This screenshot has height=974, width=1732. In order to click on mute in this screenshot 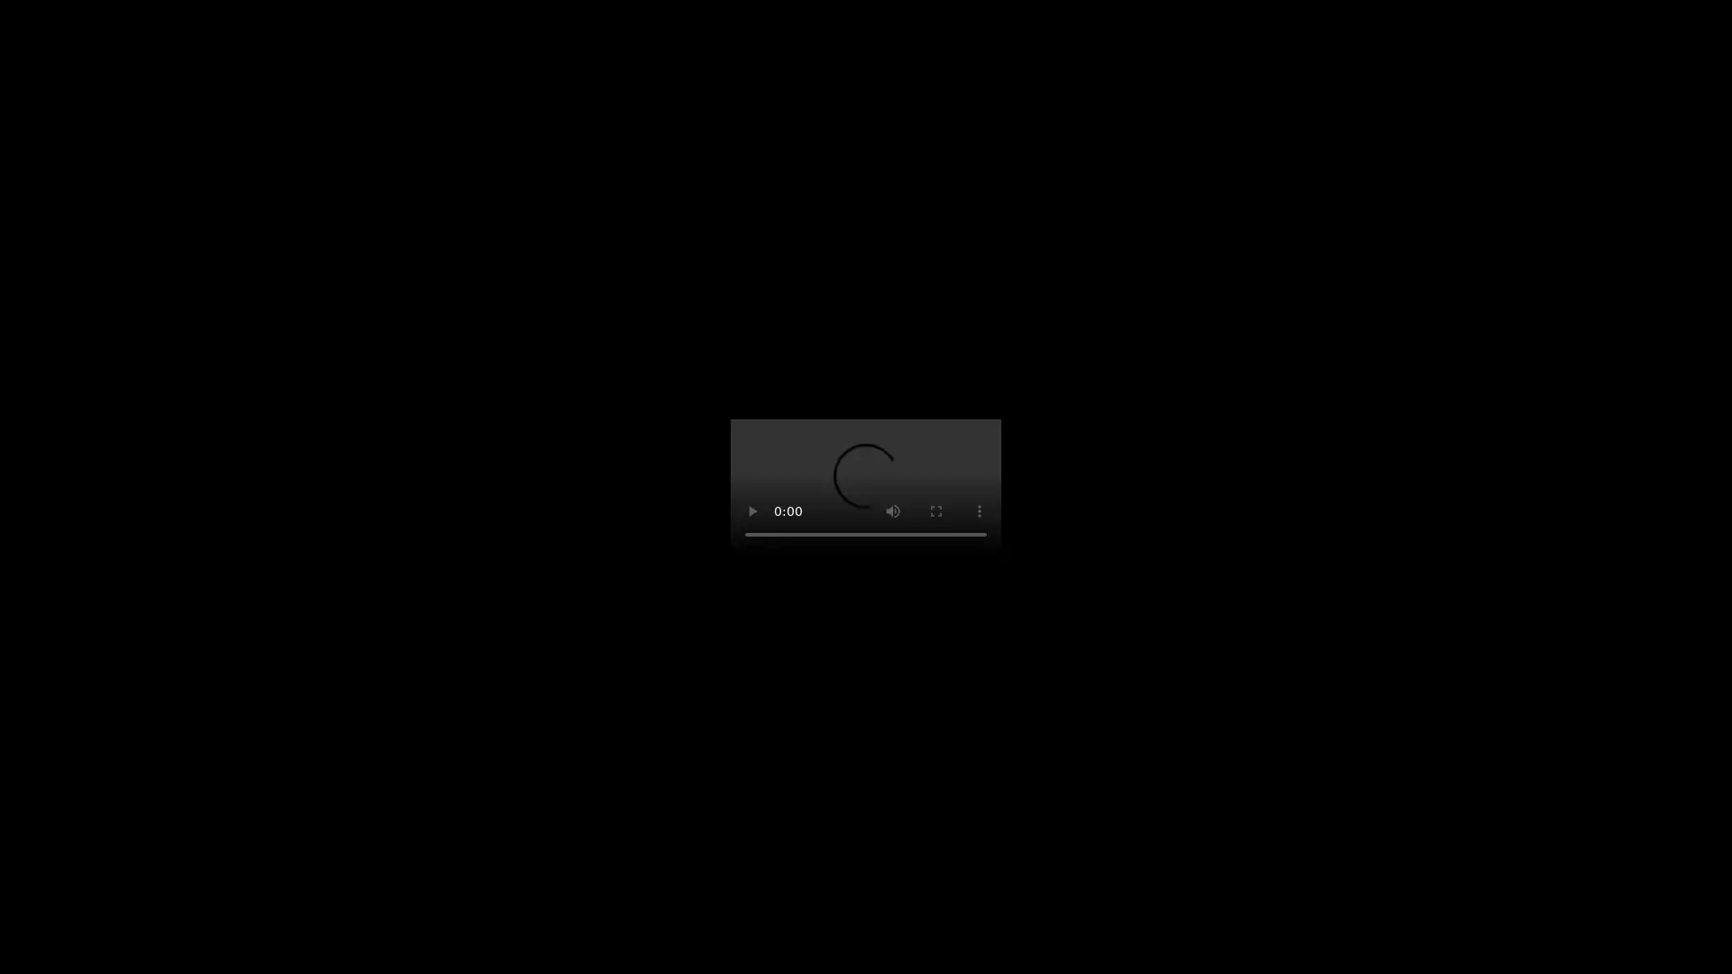, I will do `click(892, 511)`.